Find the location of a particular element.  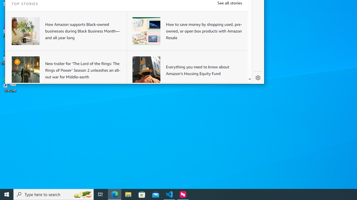

'See all stories' is located at coordinates (230, 3).